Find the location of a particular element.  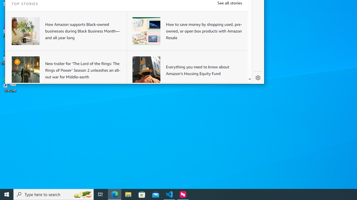

'See all stories' is located at coordinates (230, 3).